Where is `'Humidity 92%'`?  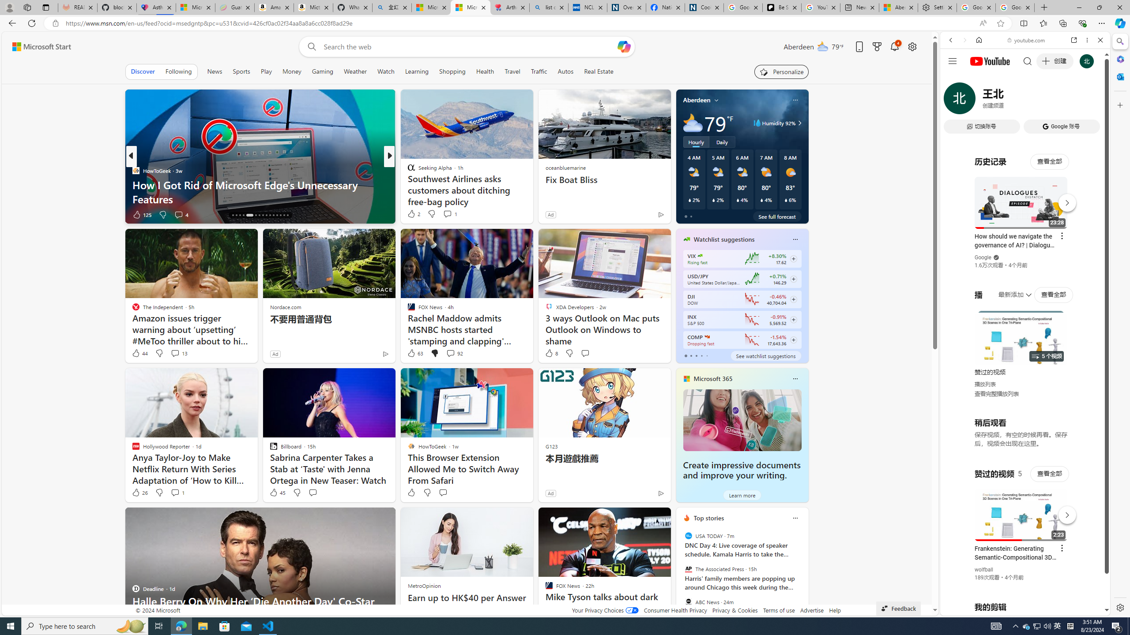 'Humidity 92%' is located at coordinates (798, 123).